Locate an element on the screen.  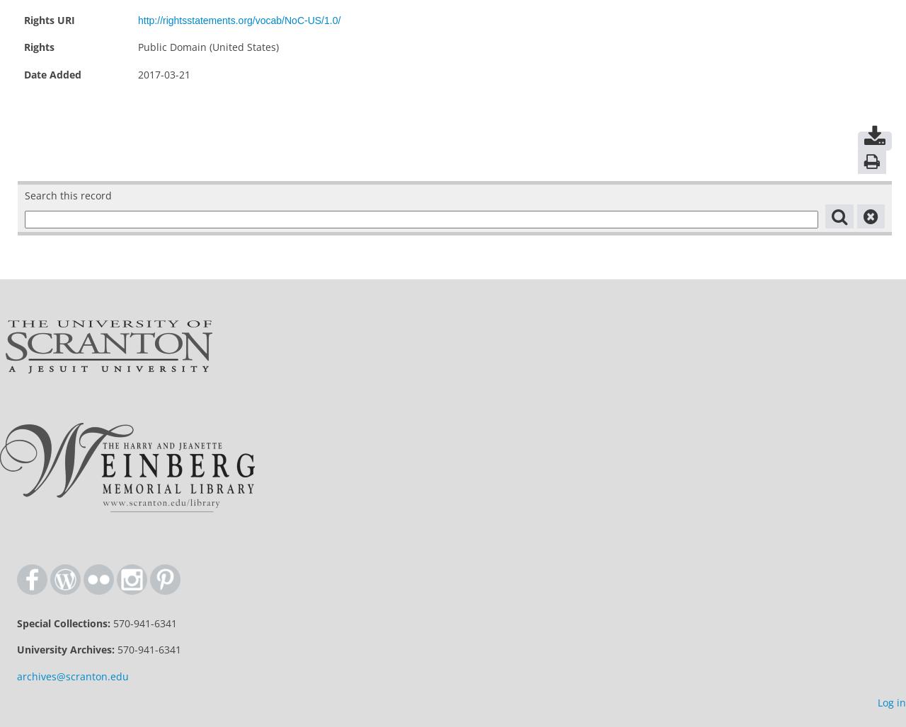
'Special Collections:' is located at coordinates (62, 622).